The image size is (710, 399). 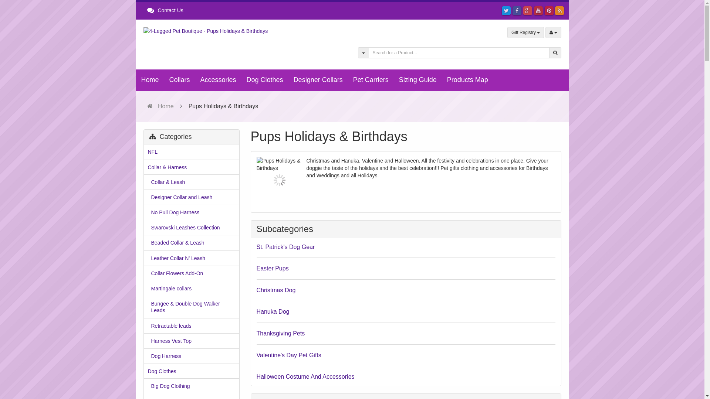 I want to click on 'Swarovski Leashes Collection', so click(x=191, y=227).